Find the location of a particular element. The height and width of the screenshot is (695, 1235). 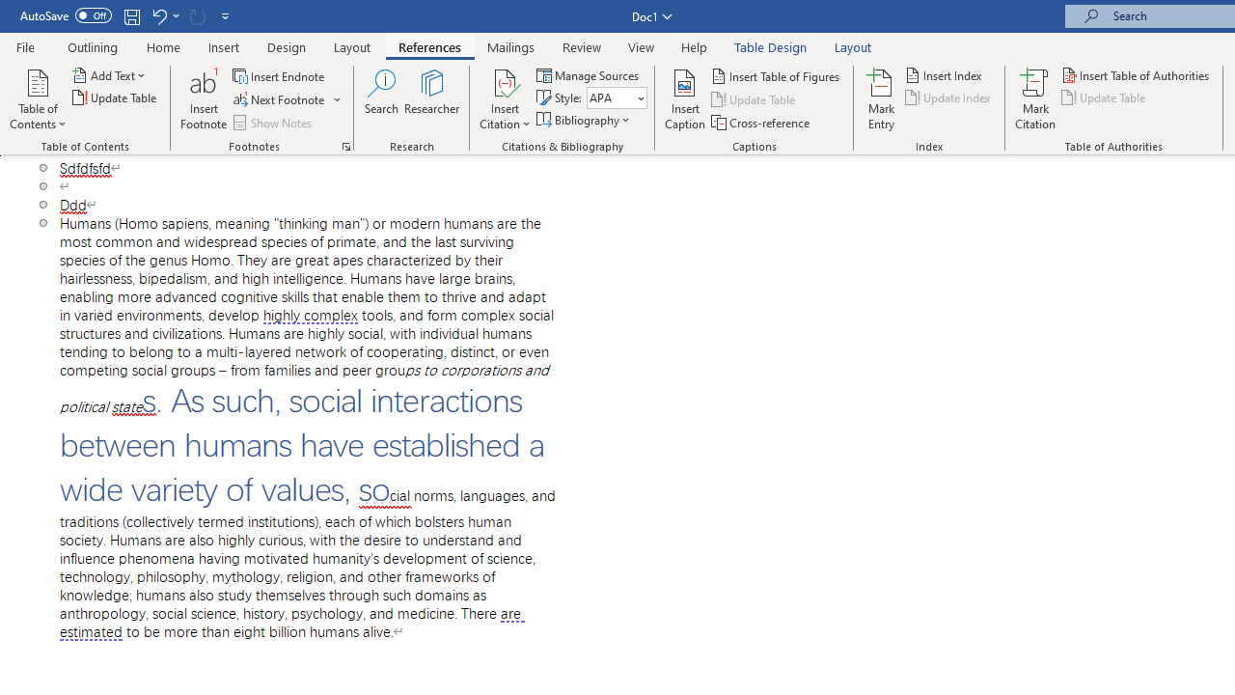

'Insert Caption...' is located at coordinates (685, 99).